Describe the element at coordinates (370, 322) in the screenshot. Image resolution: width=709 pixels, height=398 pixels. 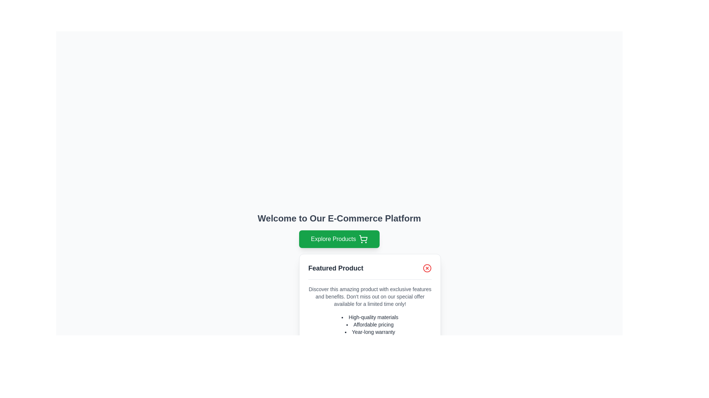
I see `detailed information and benefits provided in the Informational text block located within the 'Featured Product' card, which is situated above the 'Learn More' button` at that location.